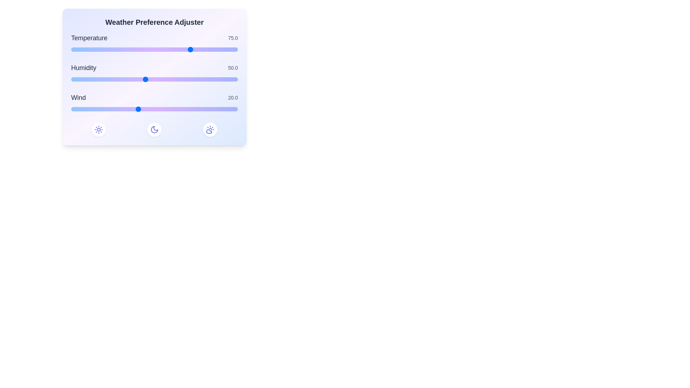  I want to click on the read-only text label displaying the current value of the Wind preference setting, which shows '20.0' and is positioned to the right of the label 'Wind', so click(233, 98).